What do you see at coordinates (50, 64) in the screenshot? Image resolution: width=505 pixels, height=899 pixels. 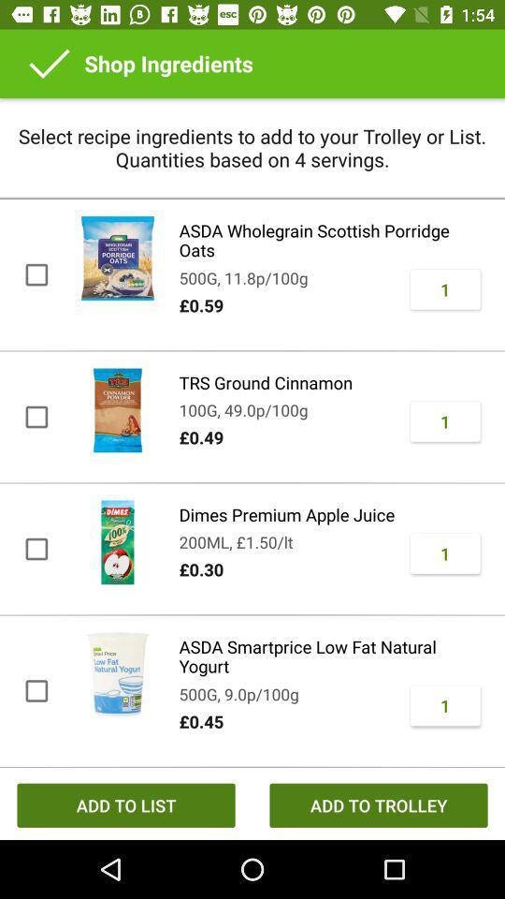 I see `icon above the select recipe ingredients item` at bounding box center [50, 64].